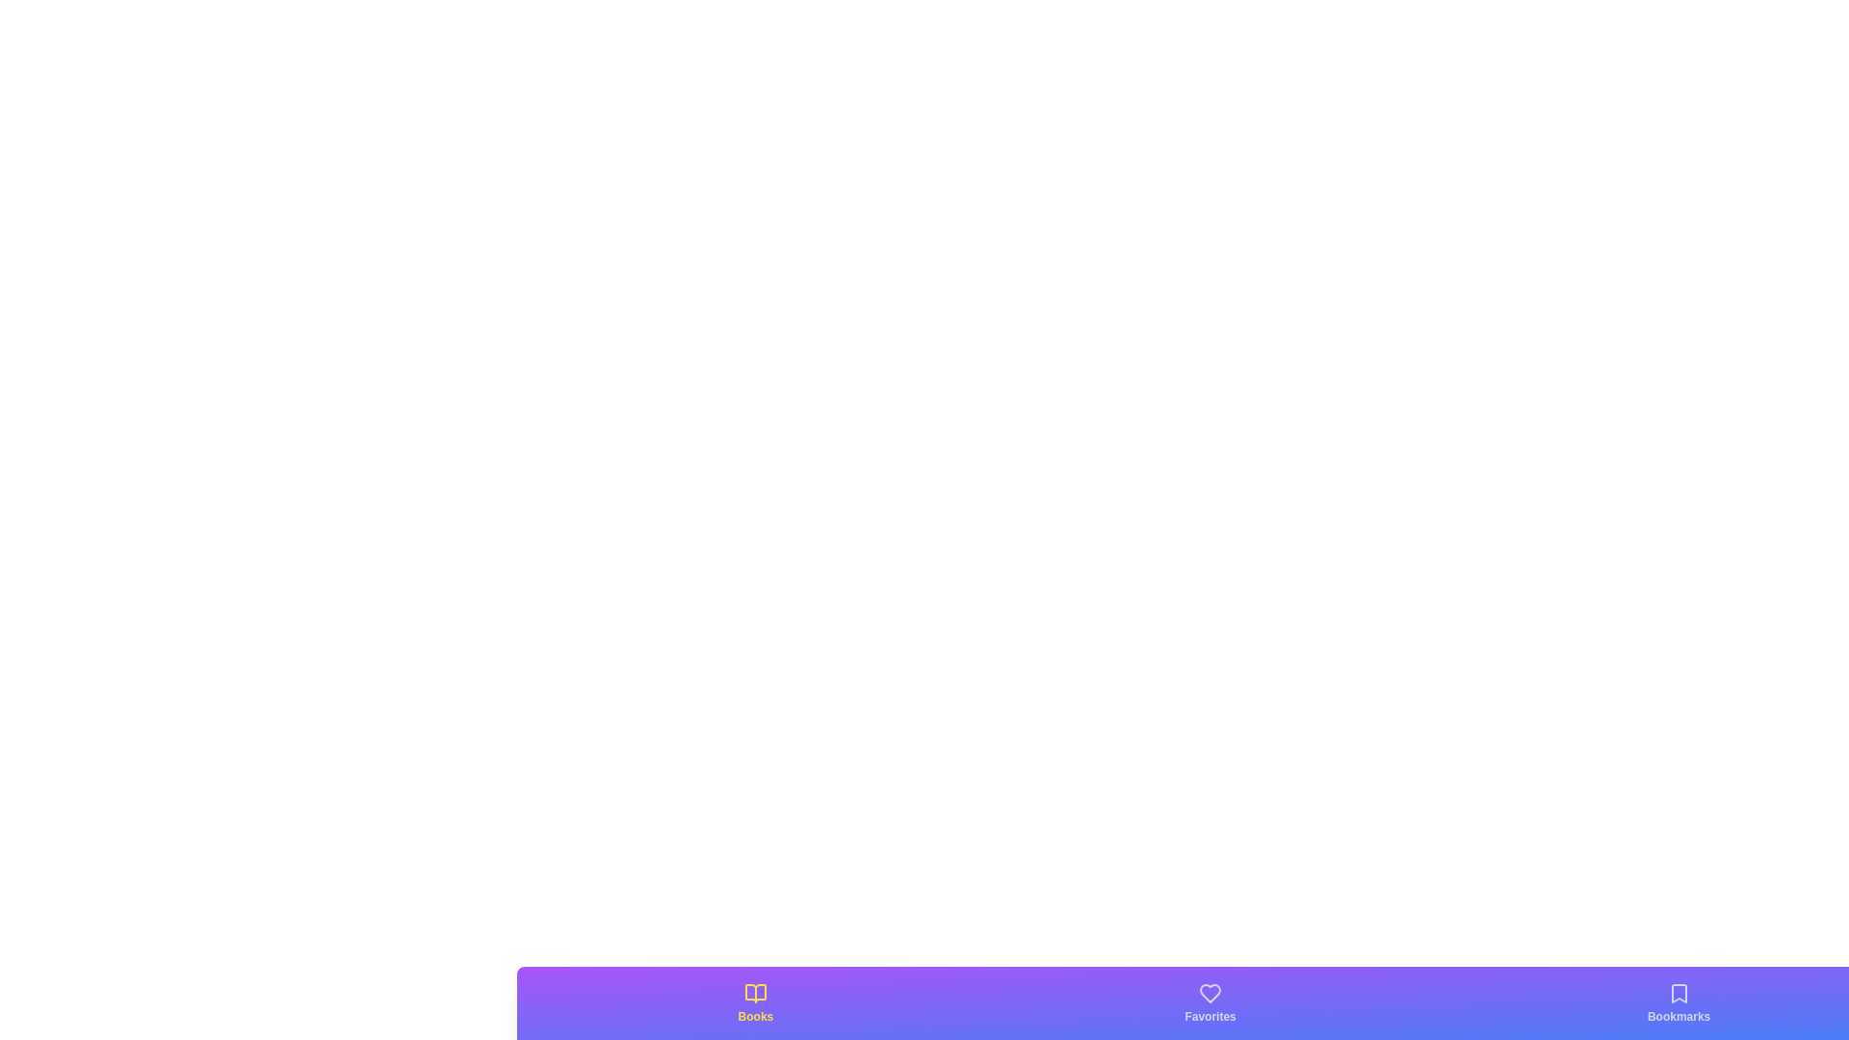  Describe the element at coordinates (1678, 1001) in the screenshot. I see `the tab with the label Bookmarks` at that location.